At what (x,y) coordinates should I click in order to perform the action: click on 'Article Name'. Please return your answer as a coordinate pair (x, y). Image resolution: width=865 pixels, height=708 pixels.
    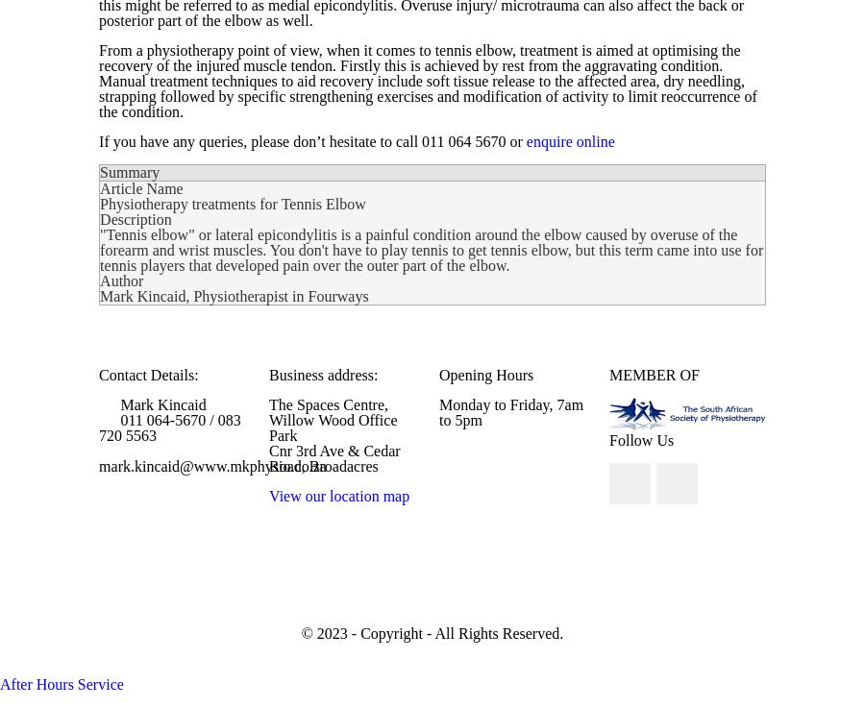
    Looking at the image, I should click on (140, 187).